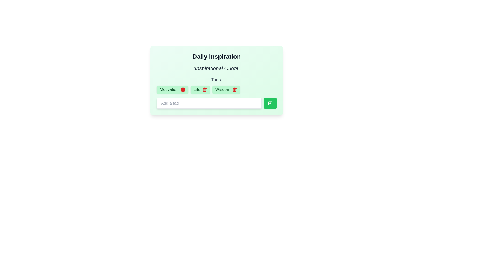 The width and height of the screenshot is (497, 279). What do you see at coordinates (270, 103) in the screenshot?
I see `the small green button with a plus symbol located to the right of the 'Add a tag' input field within the green card component` at bounding box center [270, 103].